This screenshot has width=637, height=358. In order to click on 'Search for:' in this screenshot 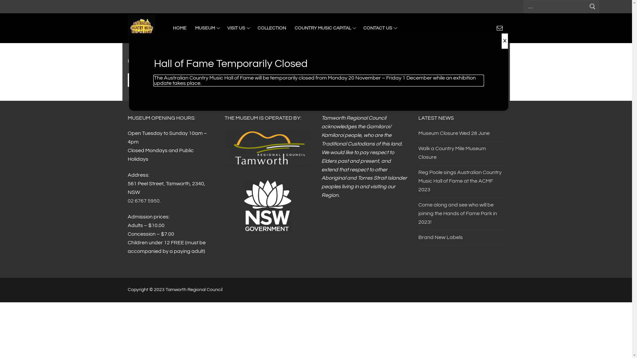, I will do `click(524, 6)`.